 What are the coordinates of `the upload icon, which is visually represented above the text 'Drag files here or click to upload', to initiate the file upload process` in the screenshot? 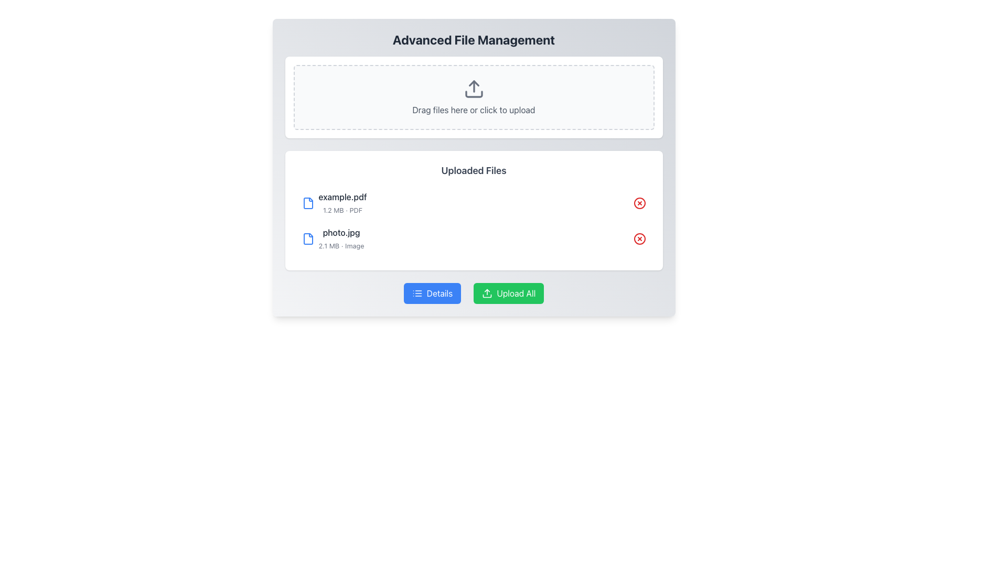 It's located at (473, 88).